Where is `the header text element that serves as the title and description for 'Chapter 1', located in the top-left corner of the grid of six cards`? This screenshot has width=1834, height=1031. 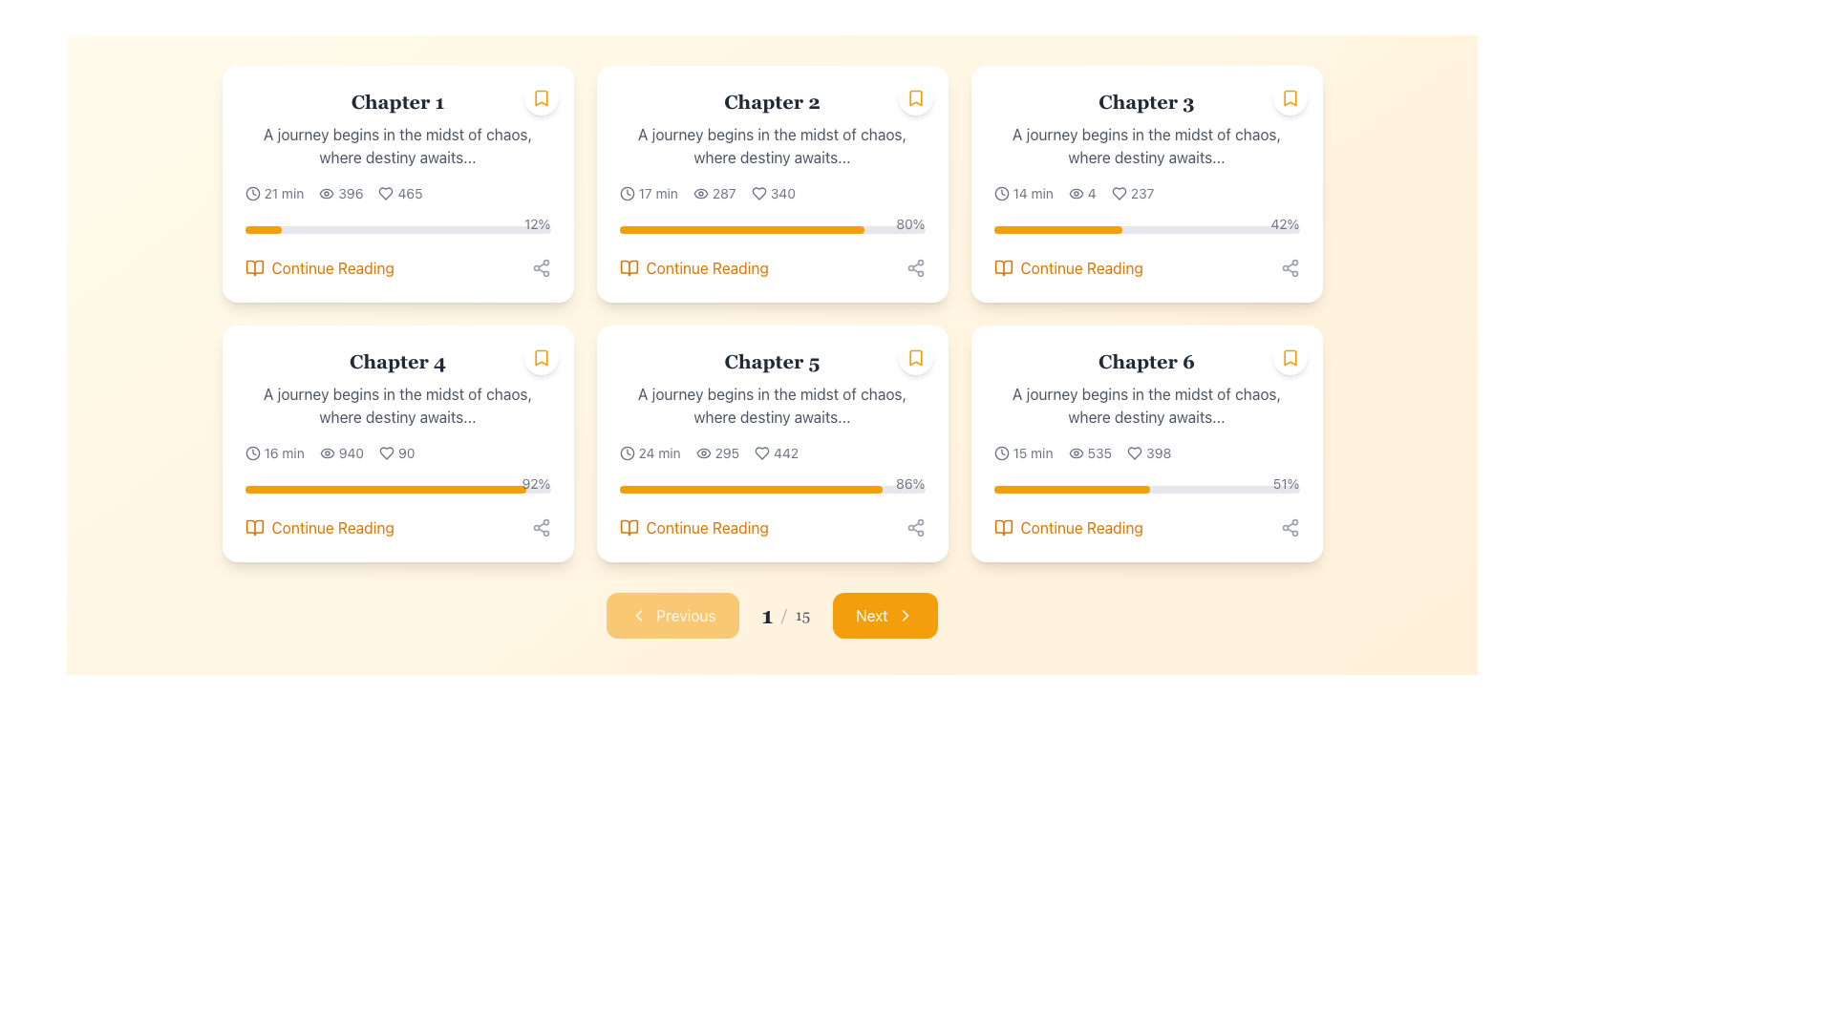 the header text element that serves as the title and description for 'Chapter 1', located in the top-left corner of the grid of six cards is located at coordinates (396, 129).